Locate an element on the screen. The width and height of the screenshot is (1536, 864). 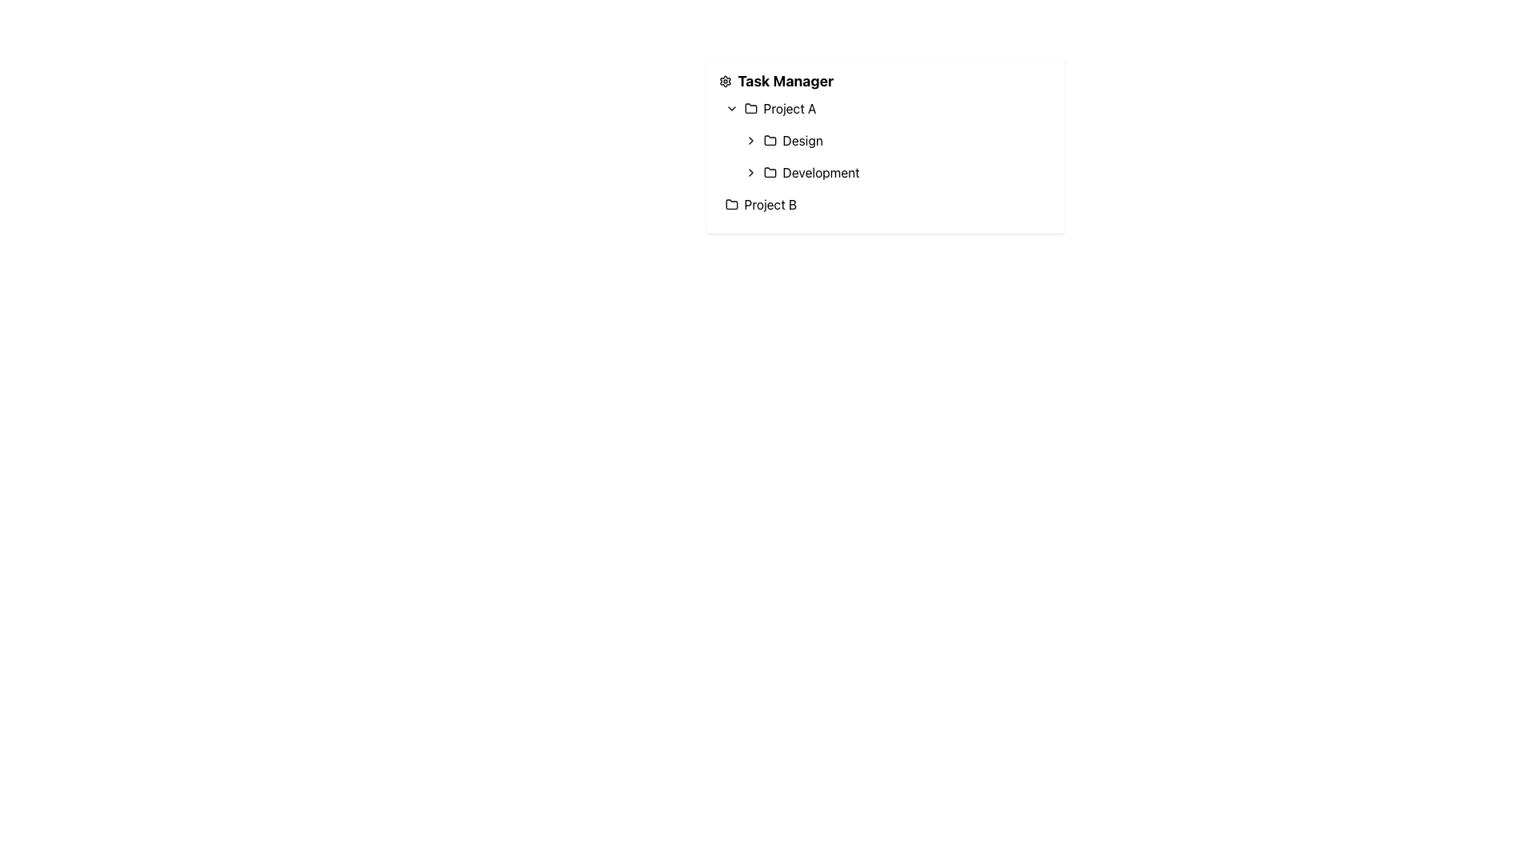
the collapsible folder item labeled 'Development' is located at coordinates (894, 157).